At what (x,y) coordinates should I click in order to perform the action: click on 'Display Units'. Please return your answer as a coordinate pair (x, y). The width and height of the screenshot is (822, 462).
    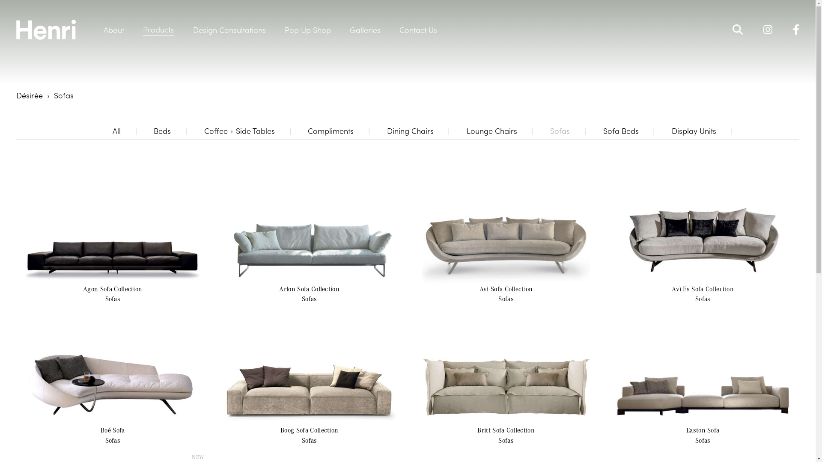
    Looking at the image, I should click on (694, 130).